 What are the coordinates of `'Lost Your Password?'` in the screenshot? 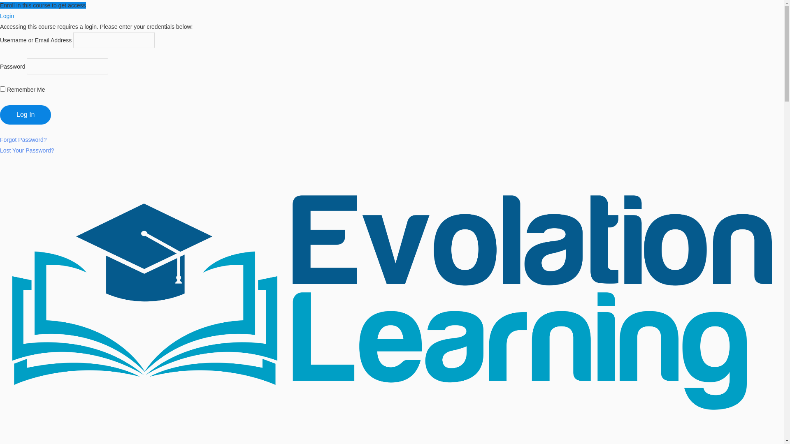 It's located at (27, 150).